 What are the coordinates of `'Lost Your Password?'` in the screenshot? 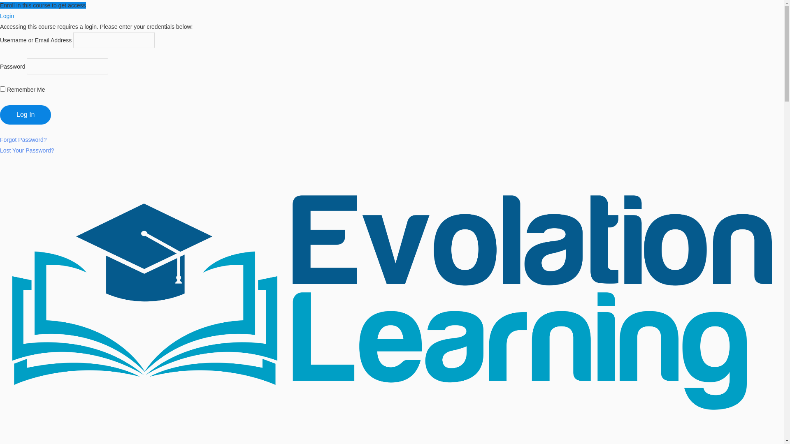 It's located at (27, 150).